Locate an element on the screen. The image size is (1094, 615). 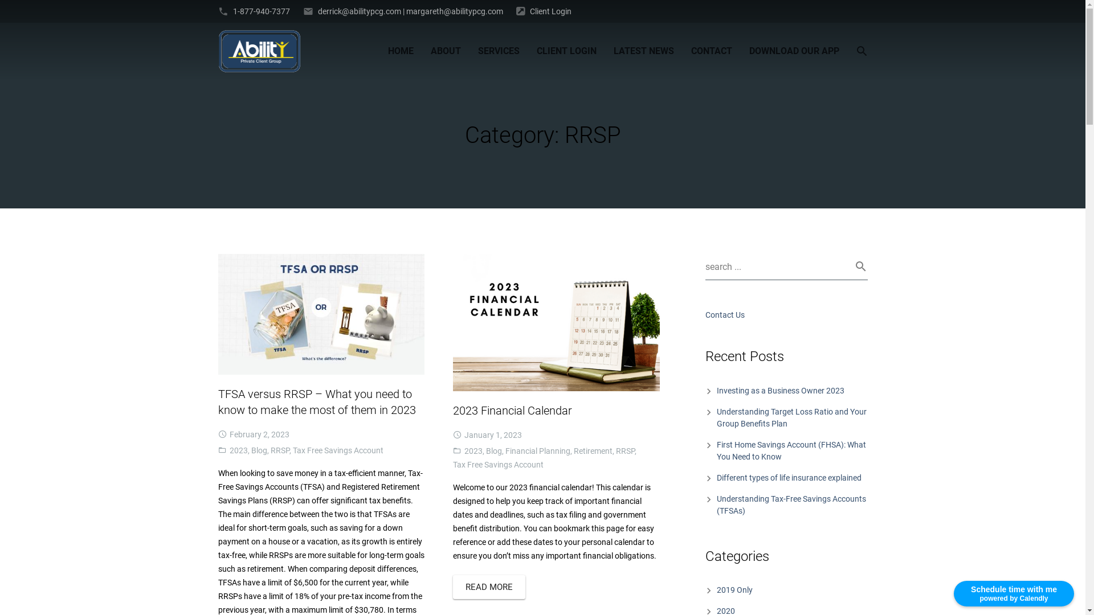
'CONTACT' is located at coordinates (711, 50).